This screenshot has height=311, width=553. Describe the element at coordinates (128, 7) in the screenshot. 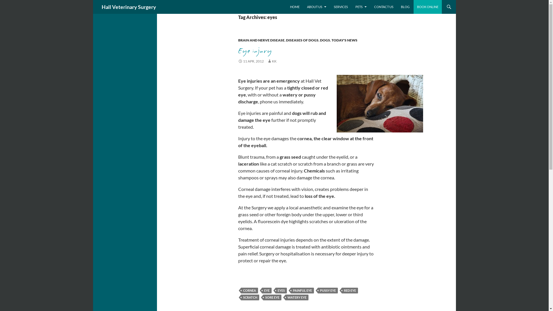

I see `'Hall Veterinary Surgery'` at that location.